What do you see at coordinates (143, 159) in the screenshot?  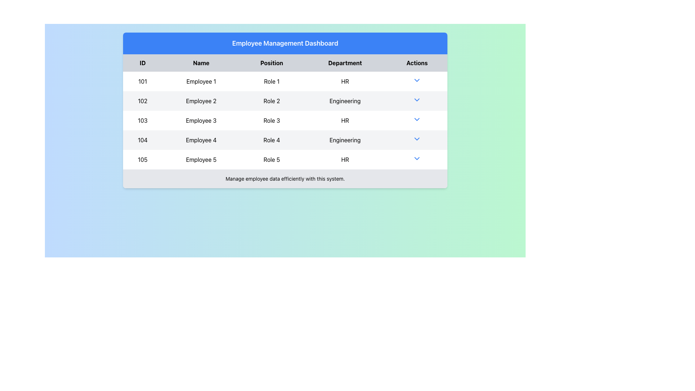 I see `the leftmost table cell in the fifth row under the 'ID' column that identifies 'Employee 5'` at bounding box center [143, 159].